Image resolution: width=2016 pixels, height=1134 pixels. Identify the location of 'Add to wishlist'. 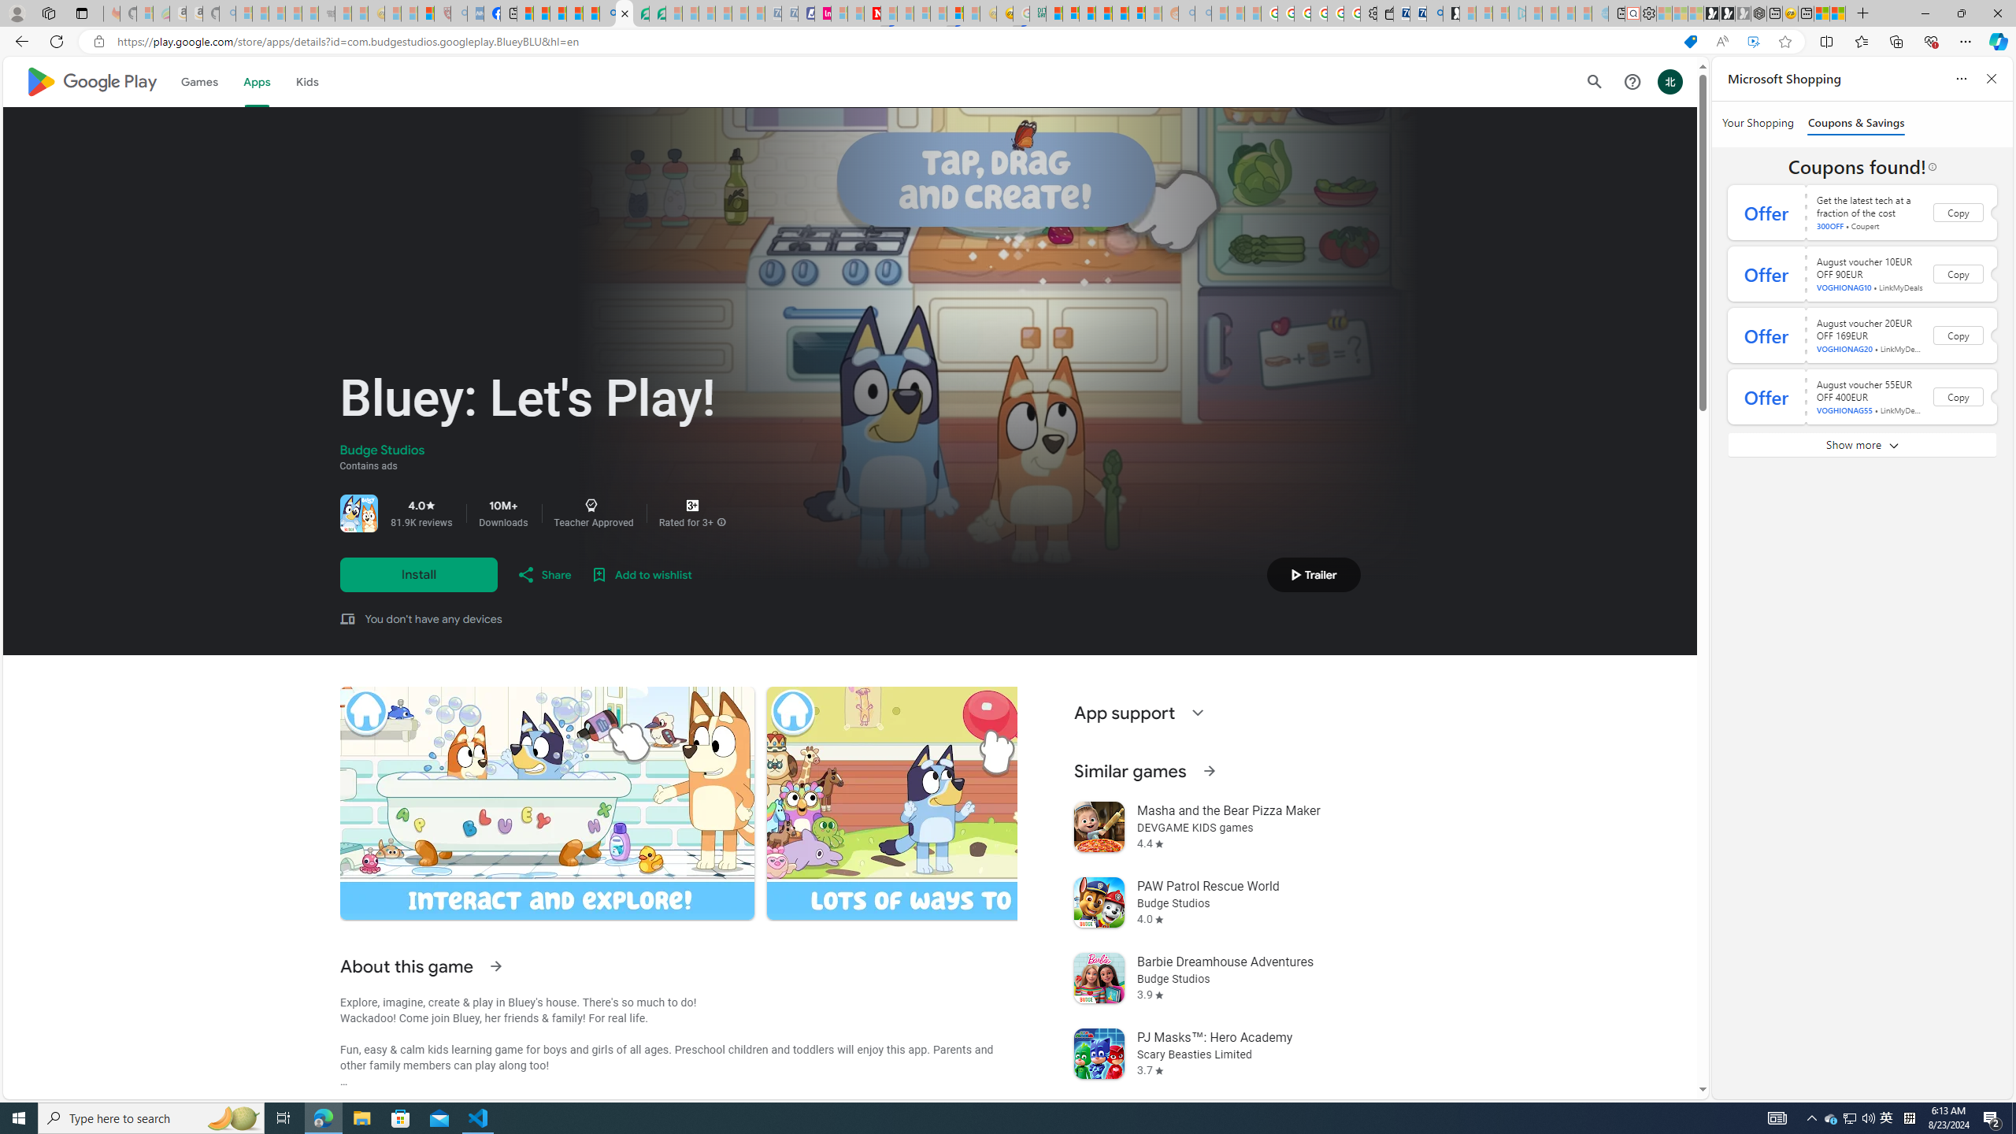
(641, 574).